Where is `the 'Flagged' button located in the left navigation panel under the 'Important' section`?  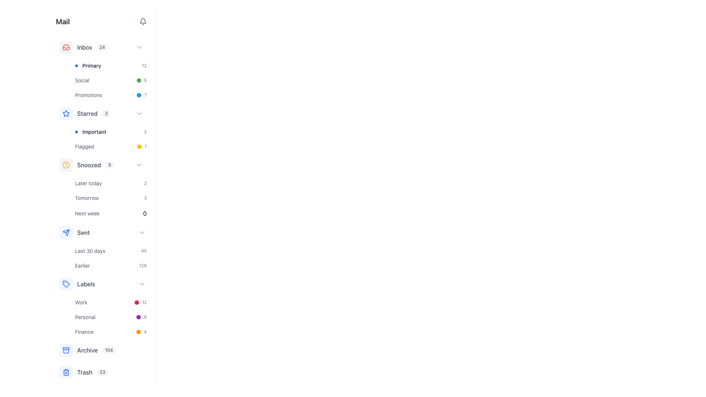 the 'Flagged' button located in the left navigation panel under the 'Important' section is located at coordinates (110, 146).